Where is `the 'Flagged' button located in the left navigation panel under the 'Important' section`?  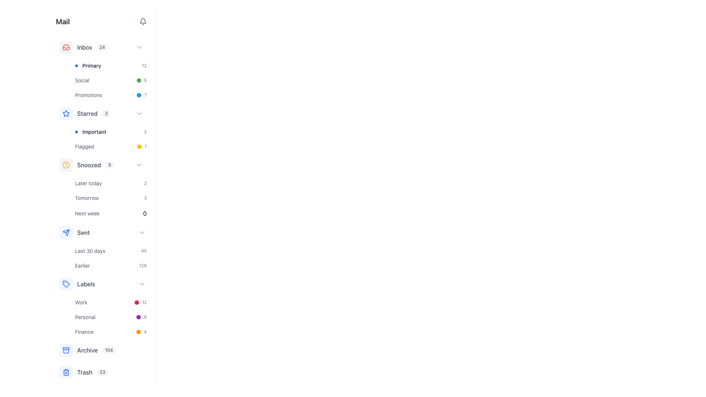 the 'Flagged' button located in the left navigation panel under the 'Important' section is located at coordinates (110, 146).